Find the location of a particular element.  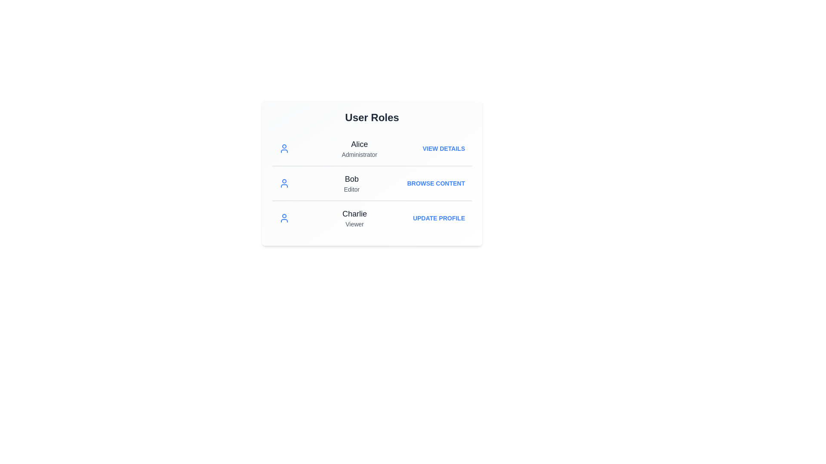

the profile representation icon, which is a blue circular icon of a person on the 'Charlie Viewer Update Profile' card, located at the leftmost position in the group is located at coordinates (284, 218).